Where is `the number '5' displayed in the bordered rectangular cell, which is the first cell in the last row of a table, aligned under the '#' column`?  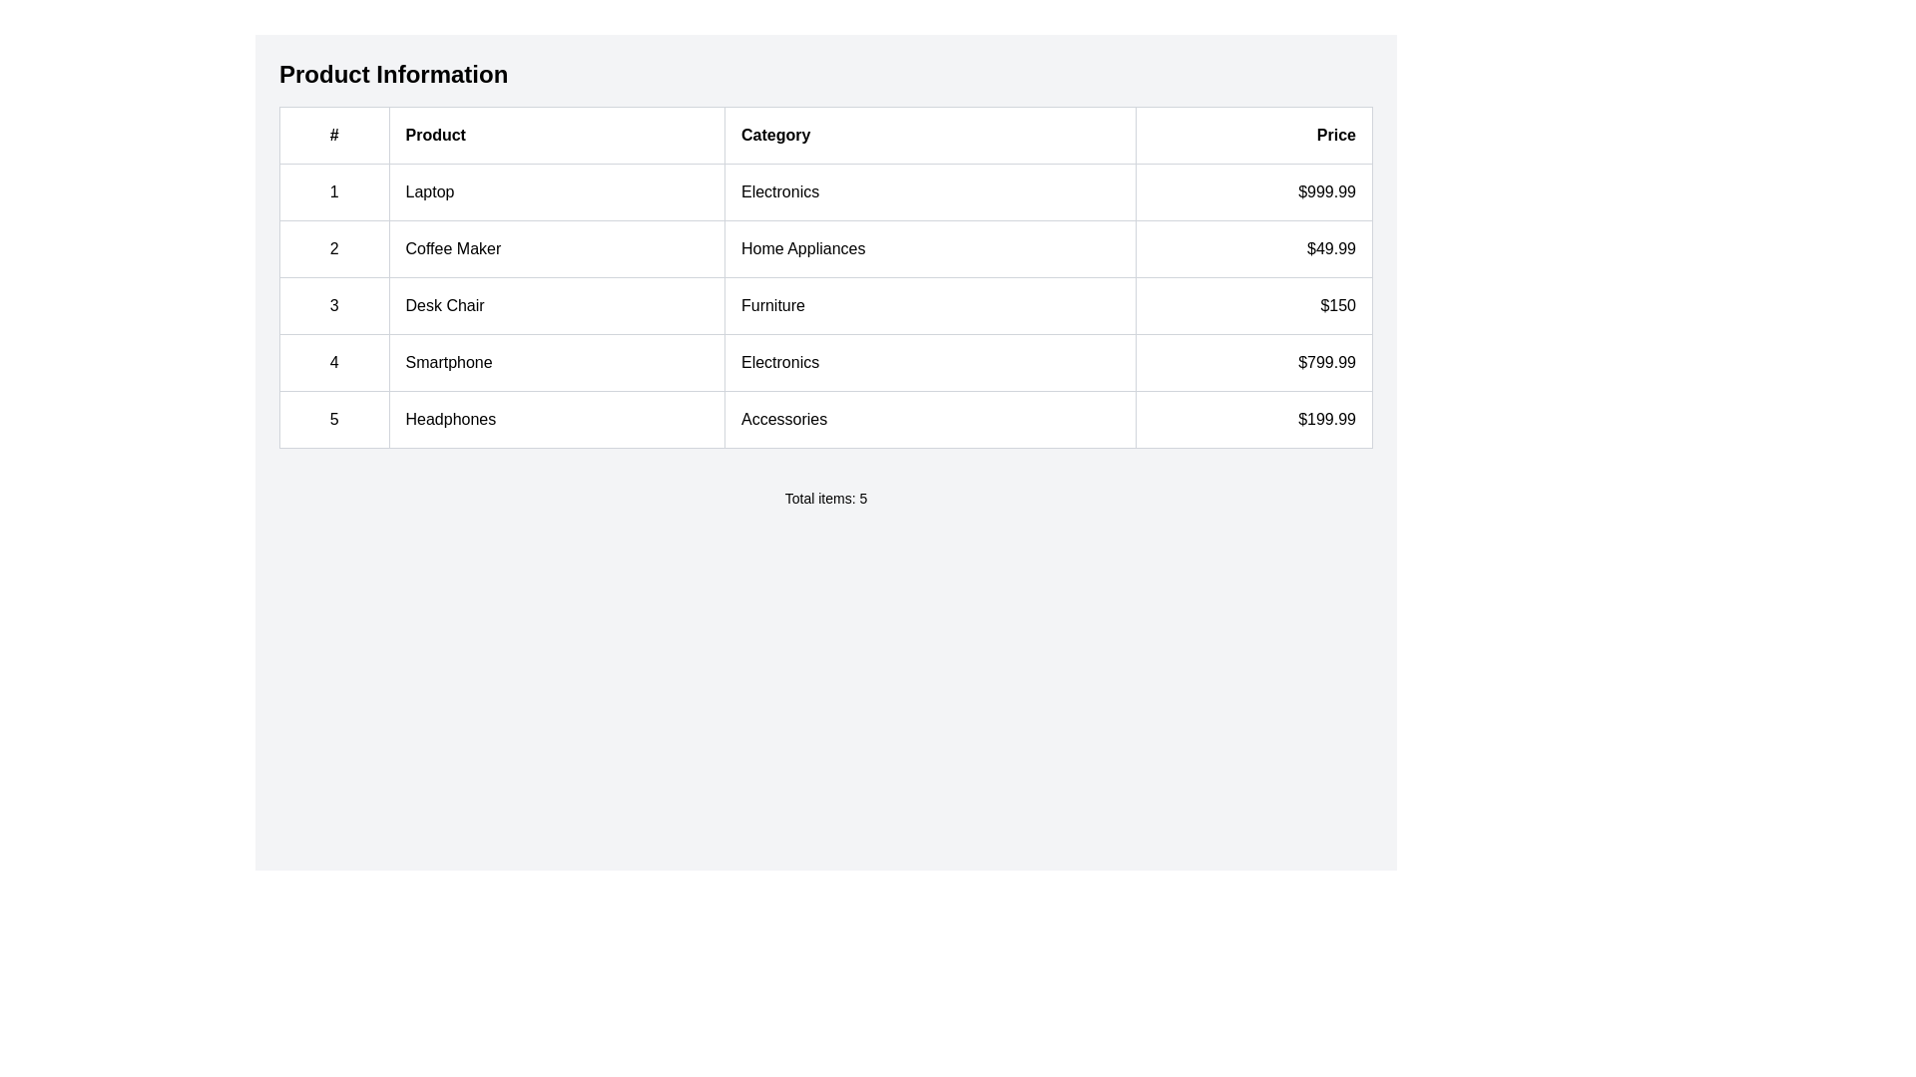 the number '5' displayed in the bordered rectangular cell, which is the first cell in the last row of a table, aligned under the '#' column is located at coordinates (334, 418).